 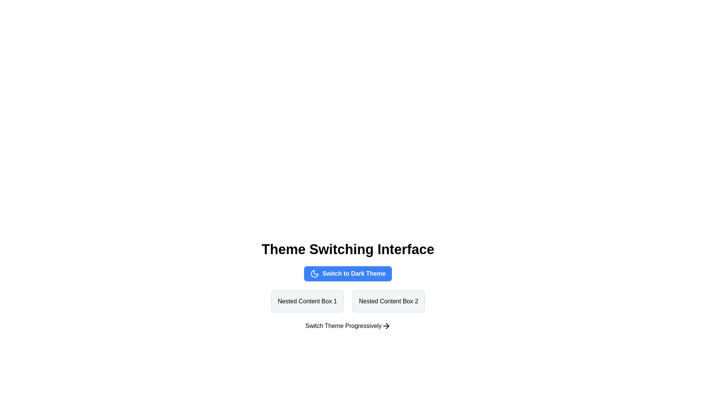 I want to click on the crescent moon icon located at the center-left of the 'Switch to Dark Theme' button, so click(x=315, y=273).